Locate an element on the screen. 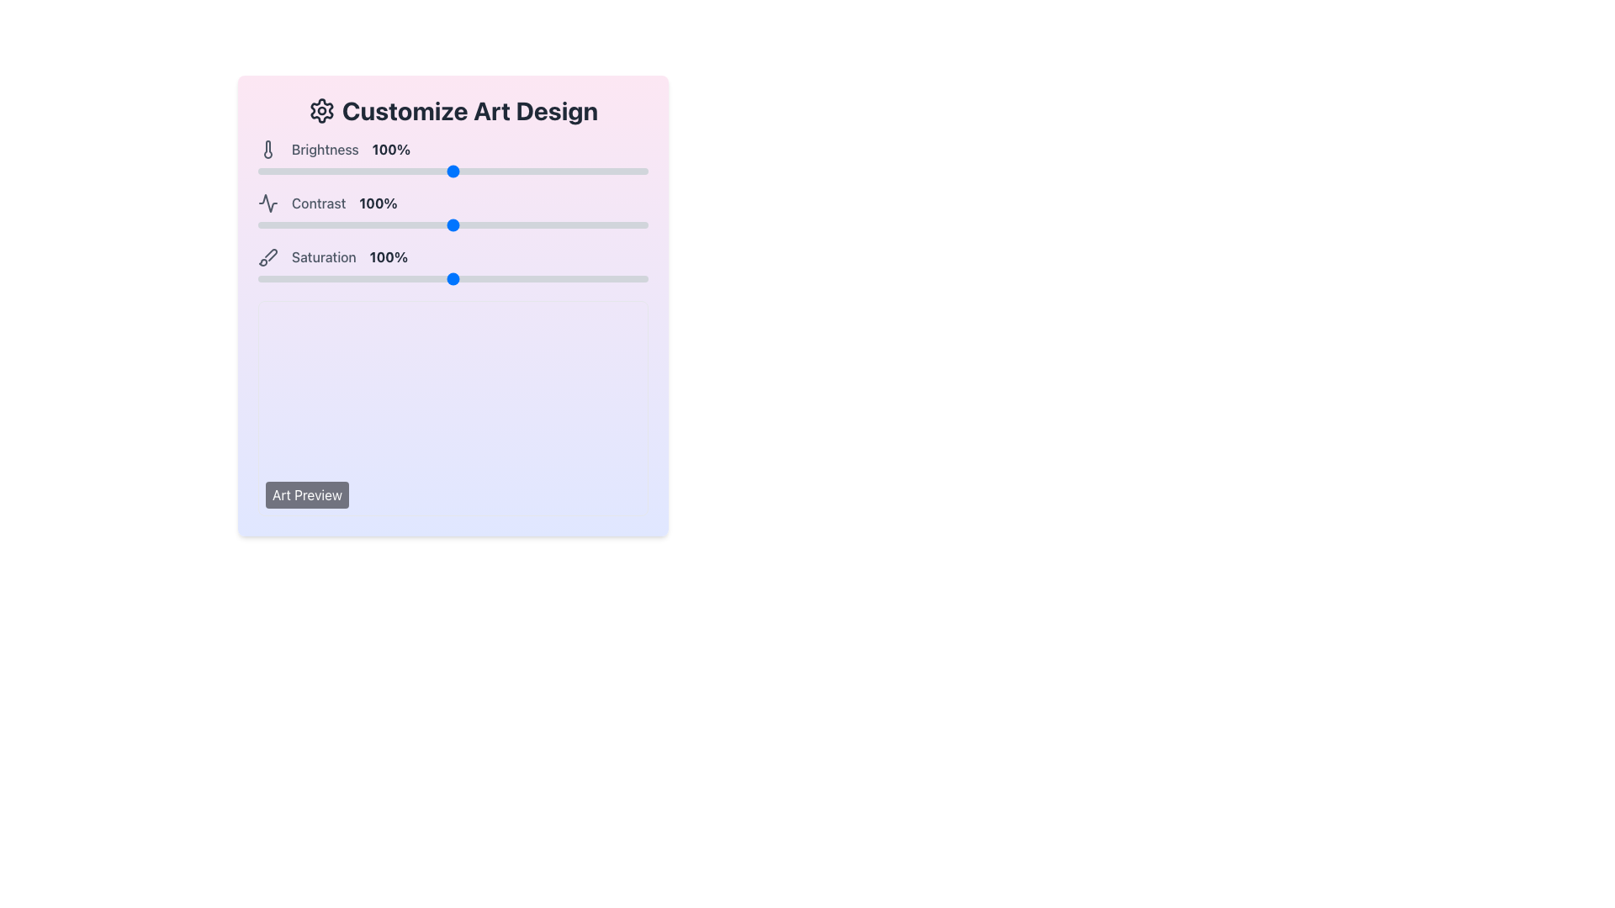 Image resolution: width=1615 pixels, height=908 pixels. brightness is located at coordinates (366, 172).